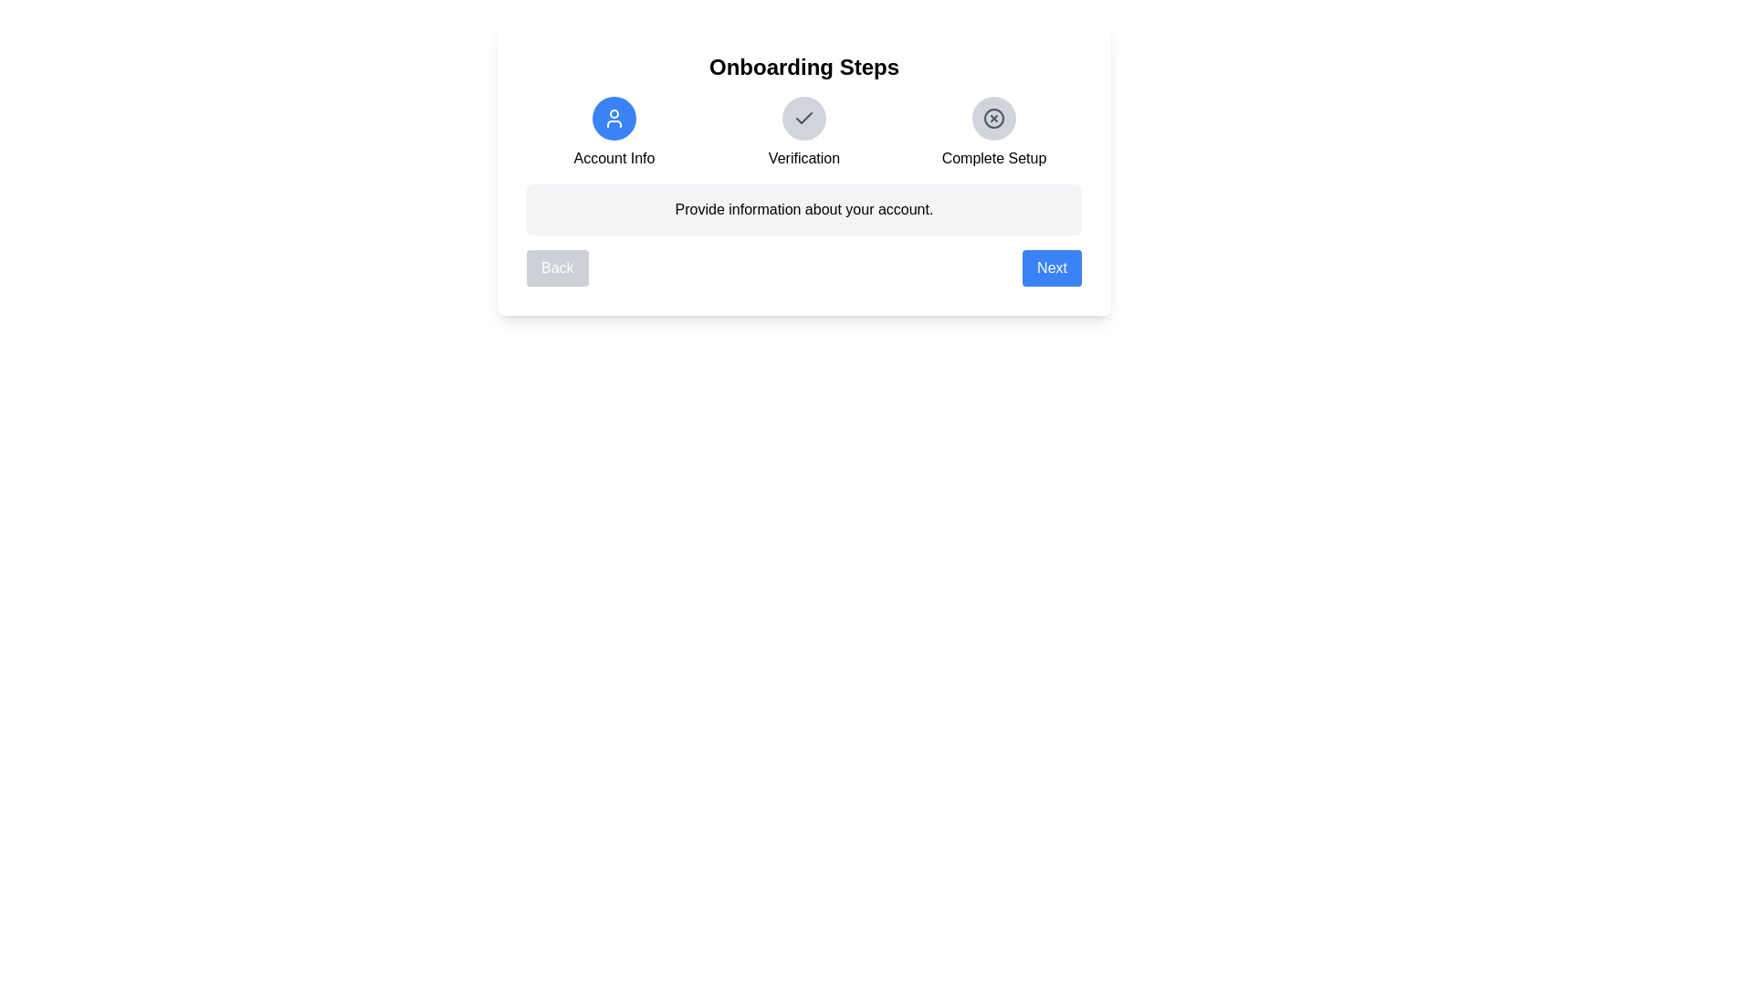 Image resolution: width=1753 pixels, height=986 pixels. Describe the element at coordinates (1052, 267) in the screenshot. I see `the 'Next' button to proceed to the next step` at that location.